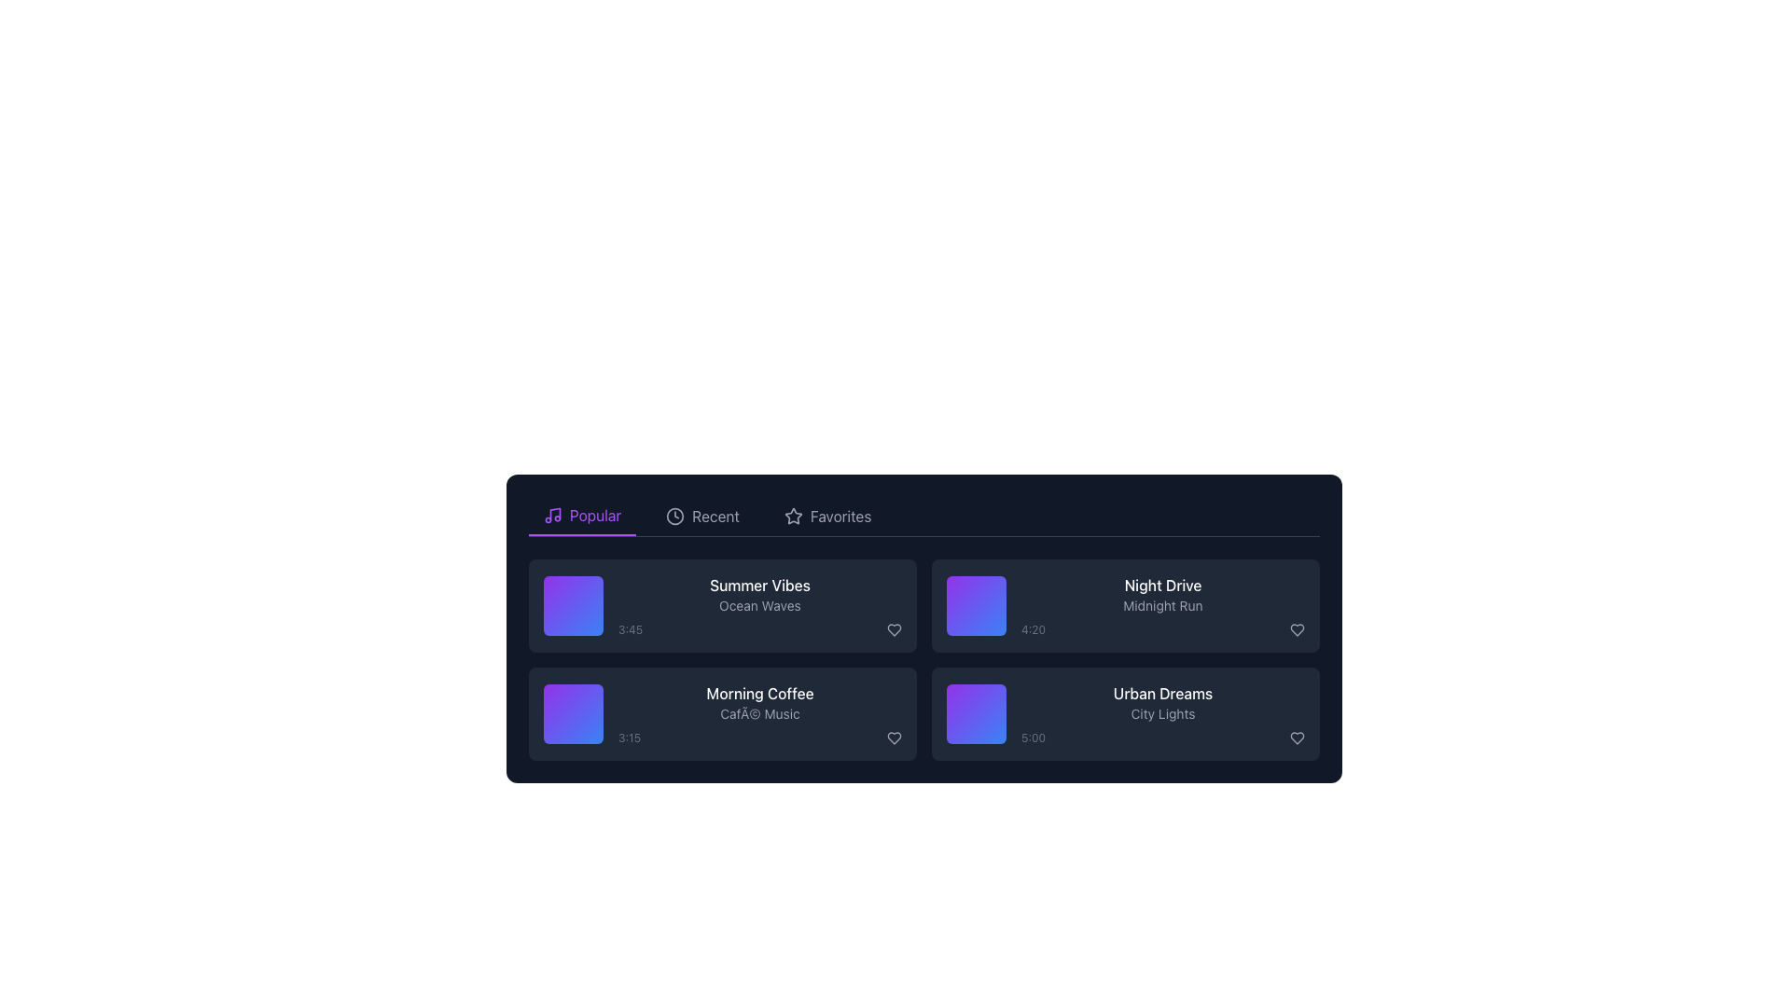 The height and width of the screenshot is (1007, 1791). What do you see at coordinates (1162, 713) in the screenshot?
I see `the Display card that shows details about the music track, located in the bottom row of the right column in a two-element grid` at bounding box center [1162, 713].